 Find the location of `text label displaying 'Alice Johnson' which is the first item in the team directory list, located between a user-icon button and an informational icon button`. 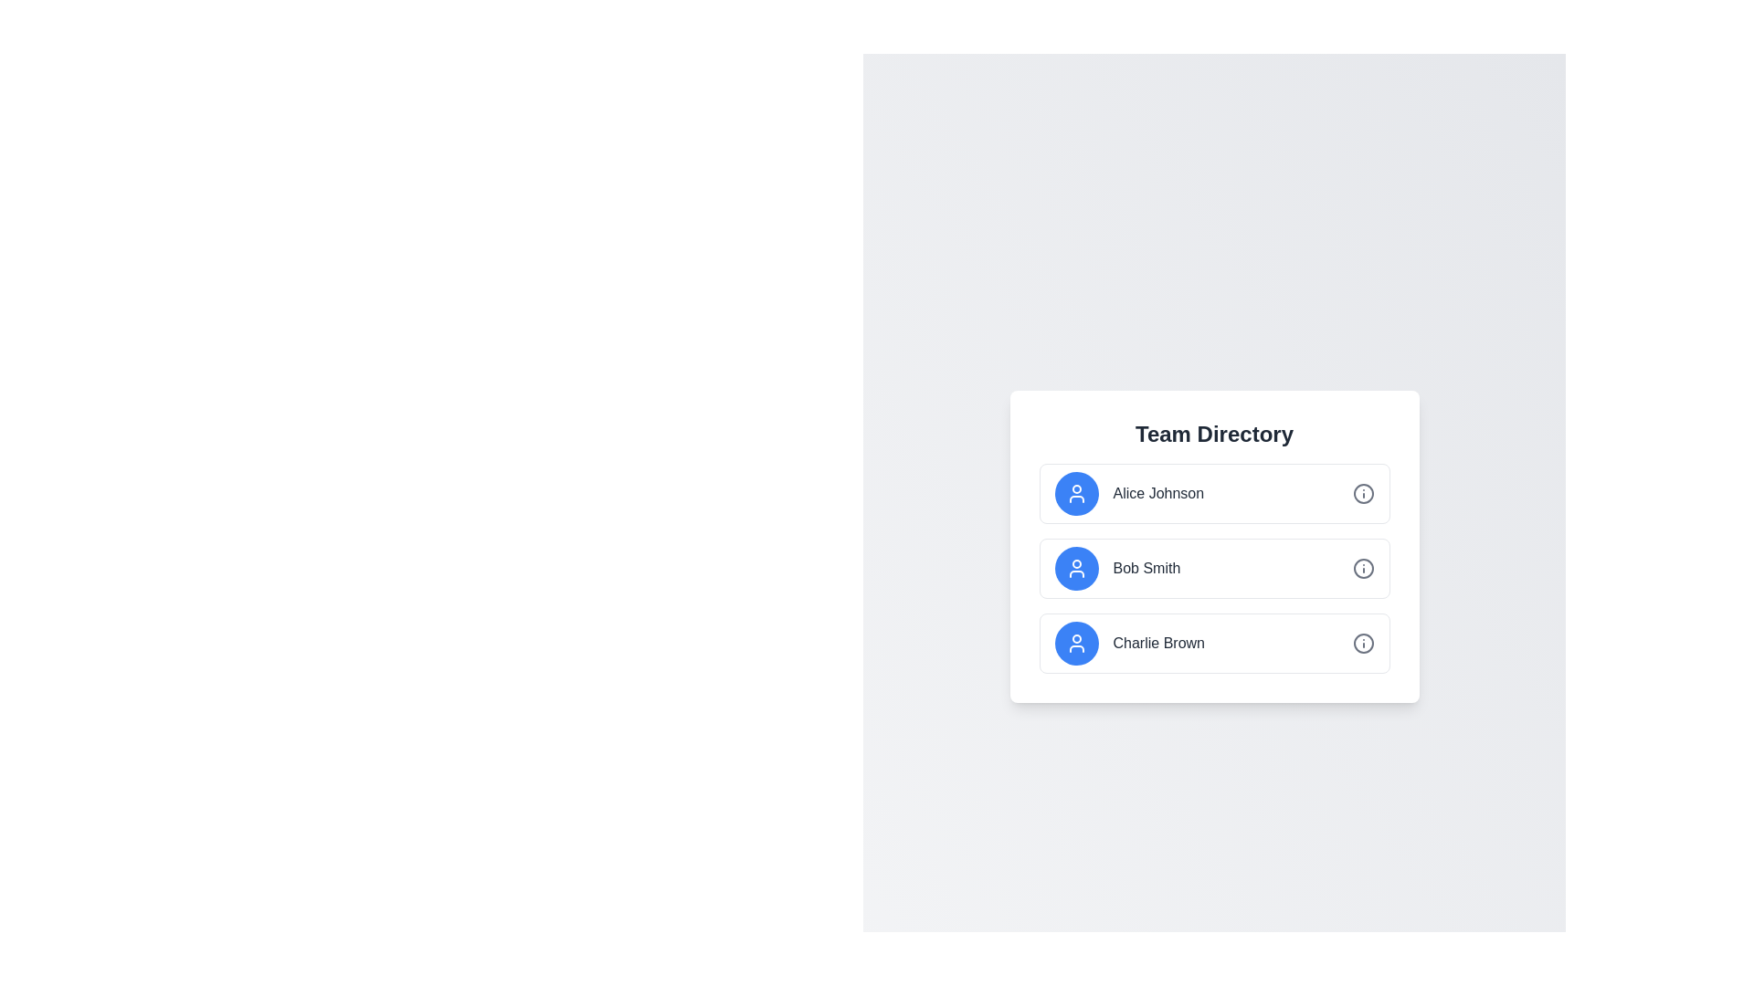

text label displaying 'Alice Johnson' which is the first item in the team directory list, located between a user-icon button and an informational icon button is located at coordinates (1128, 493).